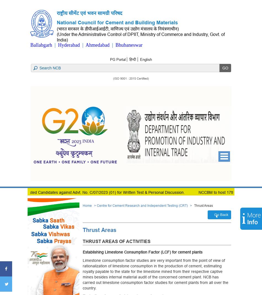 The height and width of the screenshot is (295, 262). What do you see at coordinates (221, 214) in the screenshot?
I see `'Go Back'` at bounding box center [221, 214].